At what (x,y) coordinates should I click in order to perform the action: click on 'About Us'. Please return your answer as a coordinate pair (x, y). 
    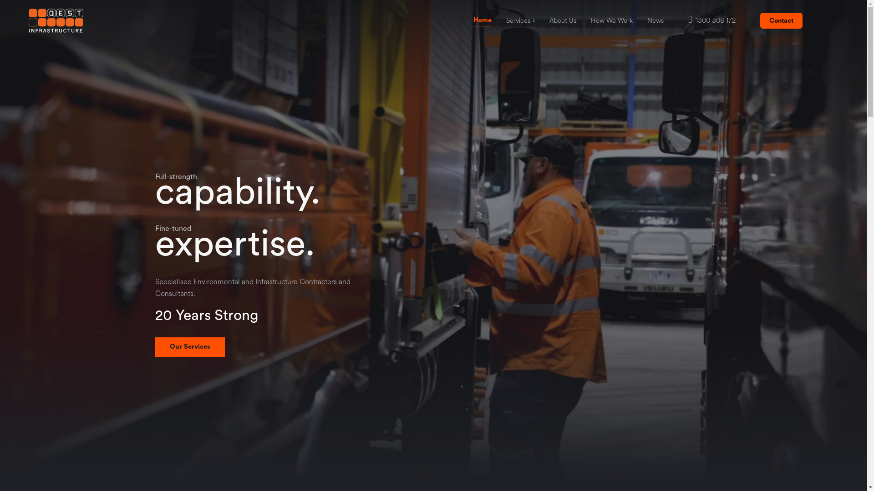
    Looking at the image, I should click on (562, 20).